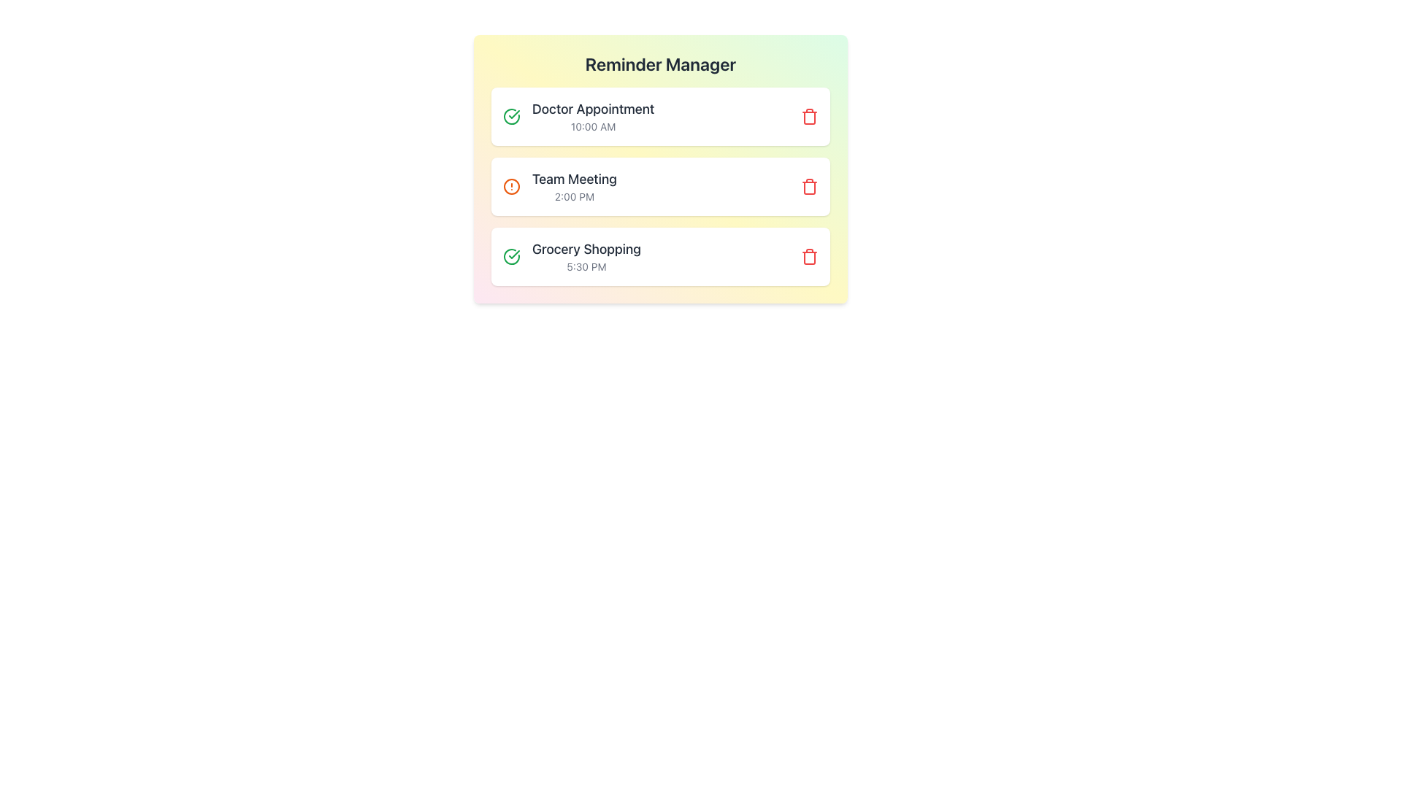 The width and height of the screenshot is (1402, 788). What do you see at coordinates (511, 115) in the screenshot?
I see `the status indicator icon located to the left of the 'Doctor Appointment' text in the top reminder entry of the 'Reminder Manager' list` at bounding box center [511, 115].